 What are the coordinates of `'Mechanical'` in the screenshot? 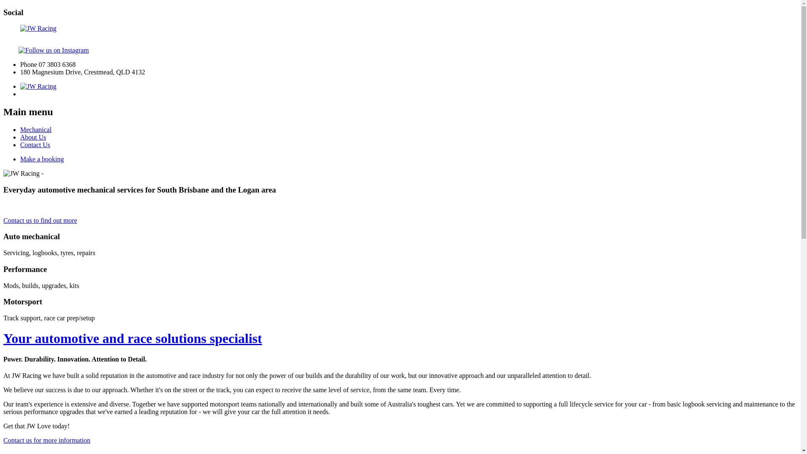 It's located at (35, 129).